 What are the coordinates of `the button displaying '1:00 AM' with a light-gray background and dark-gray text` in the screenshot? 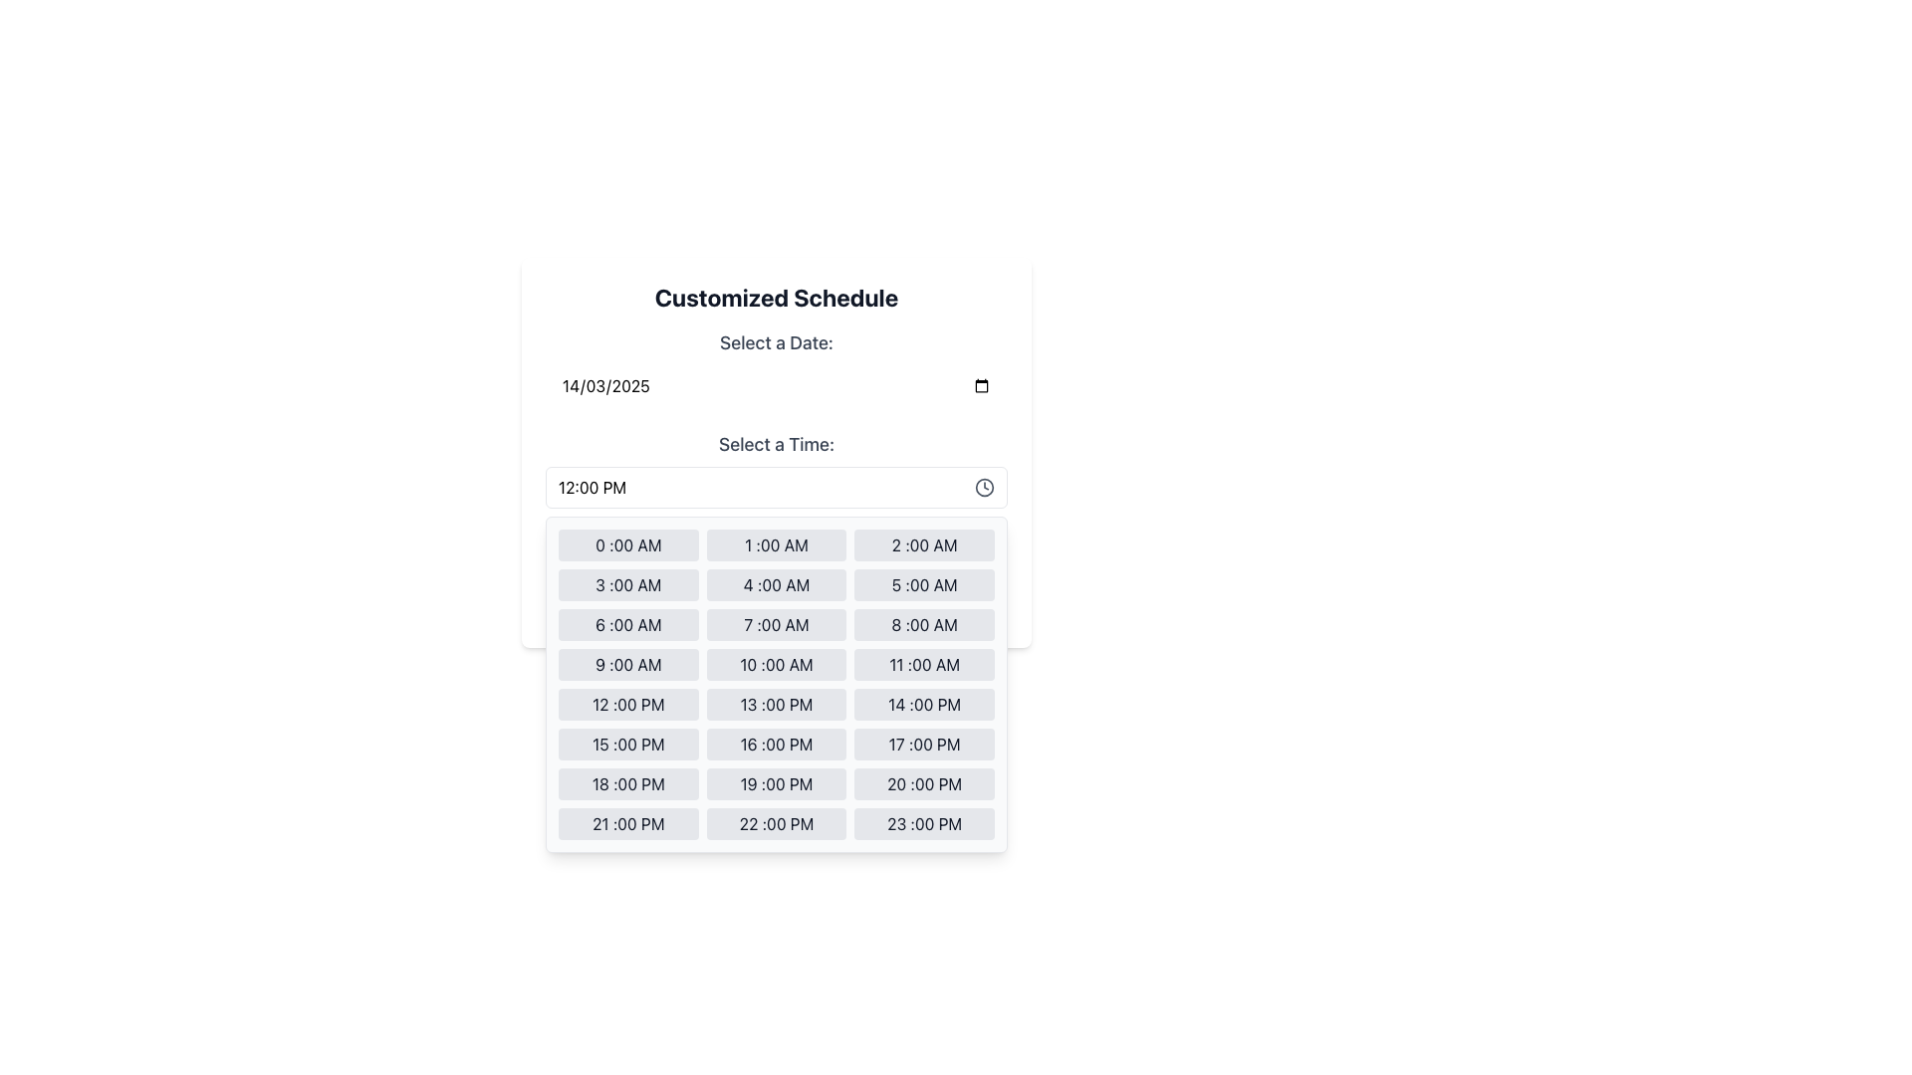 It's located at (775, 544).